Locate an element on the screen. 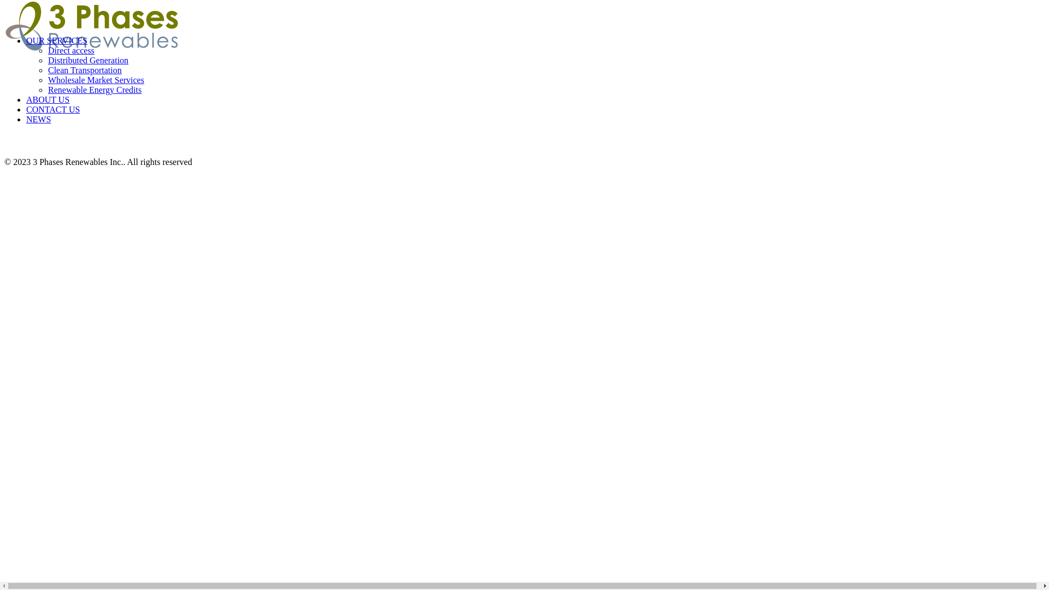 Image resolution: width=1049 pixels, height=590 pixels. 'IN THE NEWS' is located at coordinates (528, 106).